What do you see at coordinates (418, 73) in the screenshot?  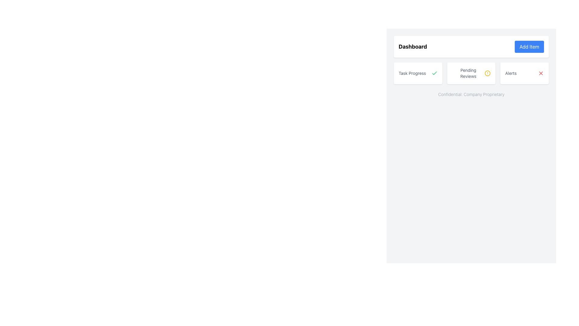 I see `the 'Task Progress' card, which is the first card in a row of three with a white background, rounded corners, and a green checkmark icon` at bounding box center [418, 73].